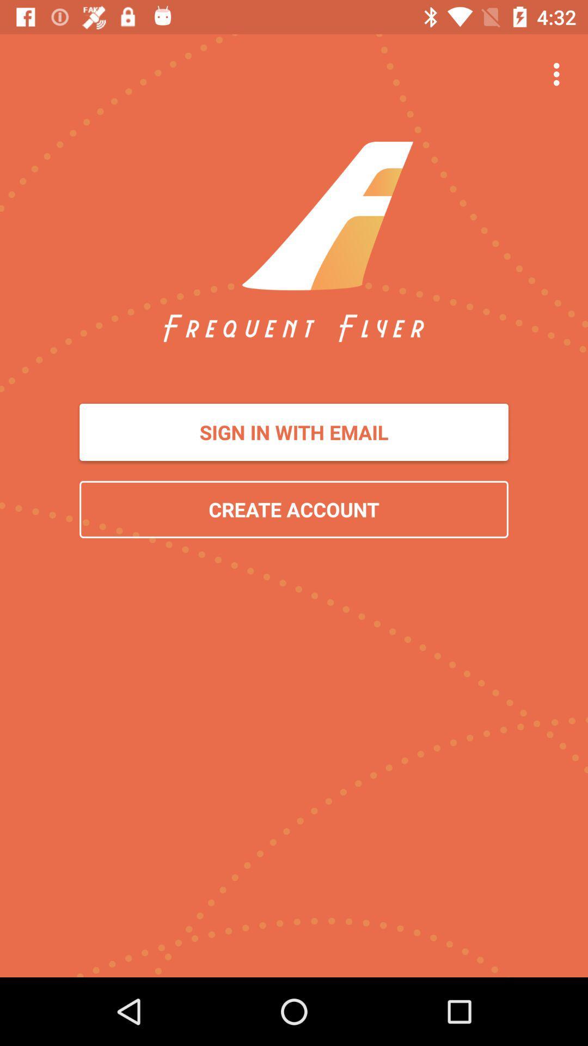 This screenshot has width=588, height=1046. Describe the element at coordinates (294, 431) in the screenshot. I see `the icon above the create account item` at that location.